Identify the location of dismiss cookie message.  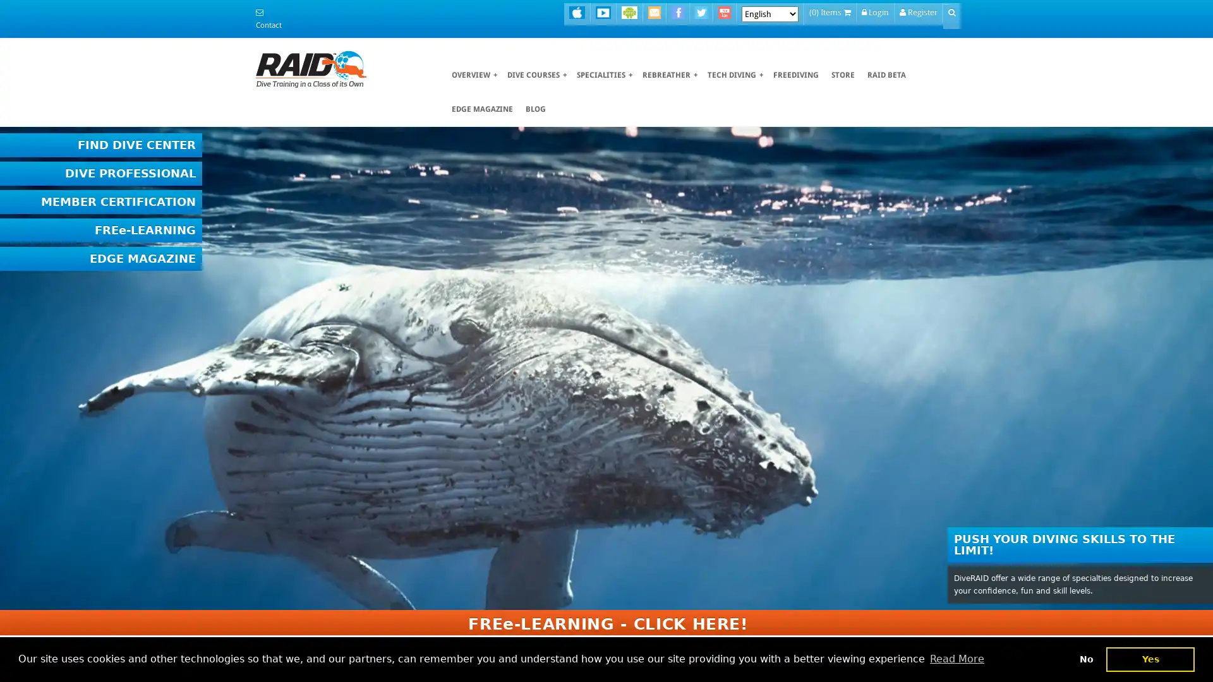
(1150, 659).